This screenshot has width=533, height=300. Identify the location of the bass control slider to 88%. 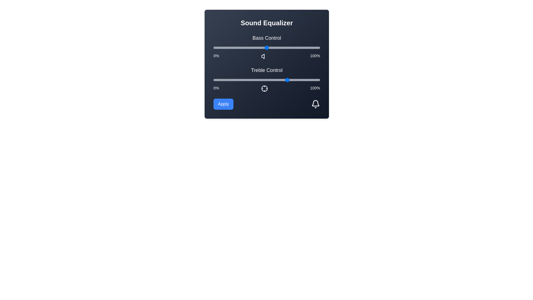
(307, 47).